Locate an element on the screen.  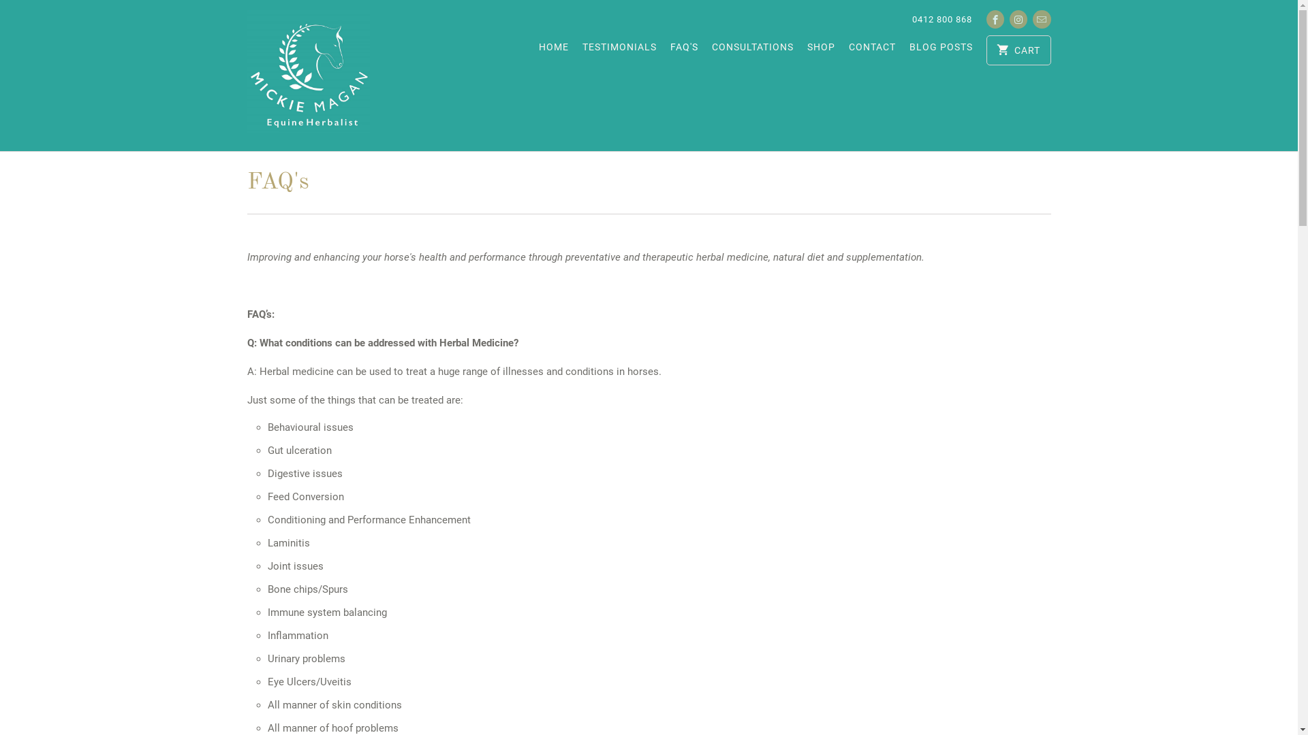
'CART' is located at coordinates (1018, 49).